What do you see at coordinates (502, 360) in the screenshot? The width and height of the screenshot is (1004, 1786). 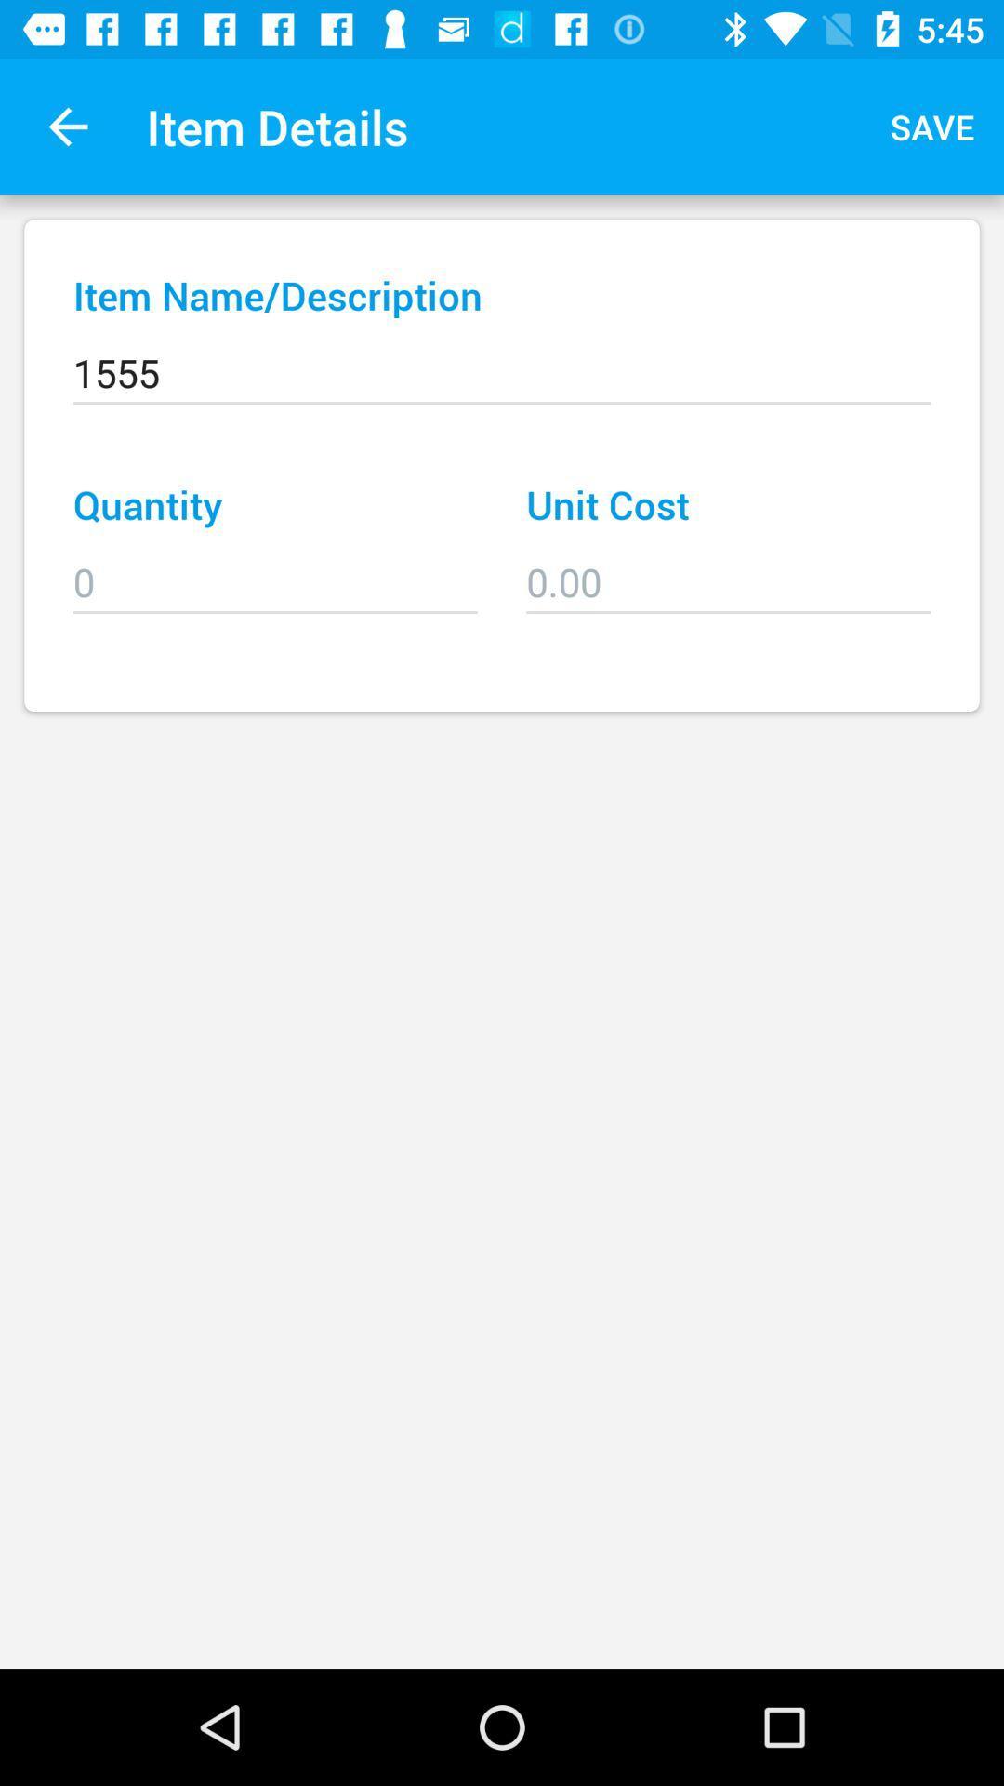 I see `the item below item name/description item` at bounding box center [502, 360].